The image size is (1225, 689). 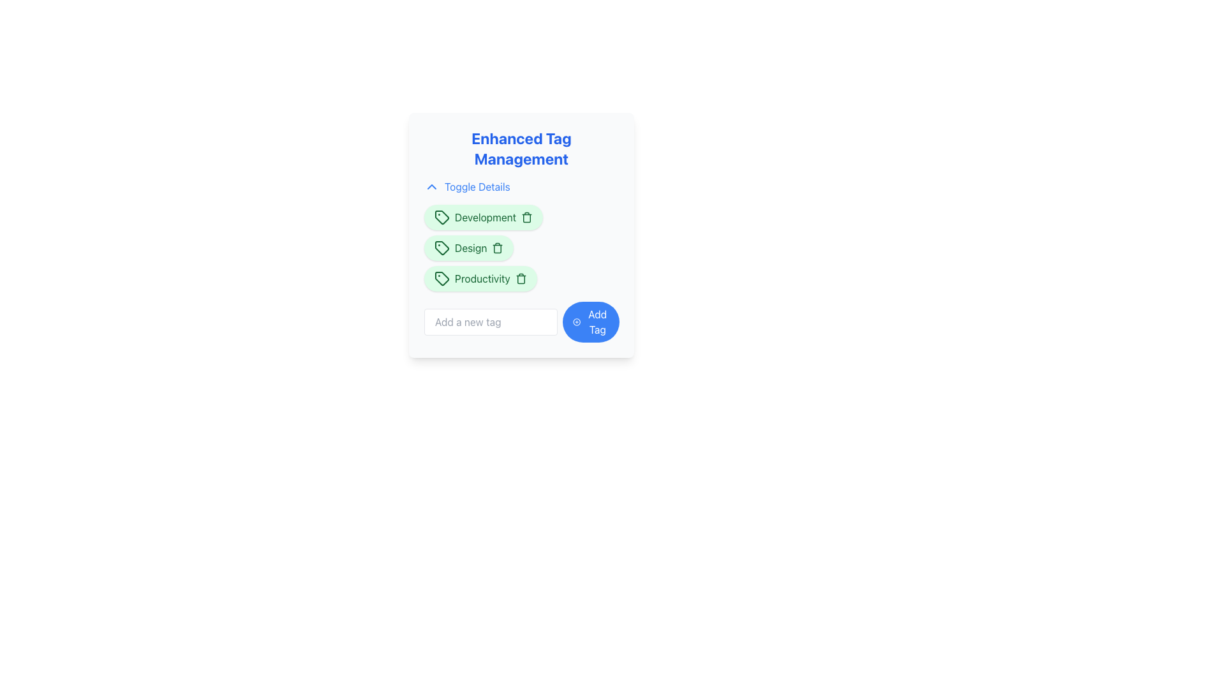 I want to click on the trash bin icon button located inside the green bubble labeled 'Design', so click(x=497, y=248).